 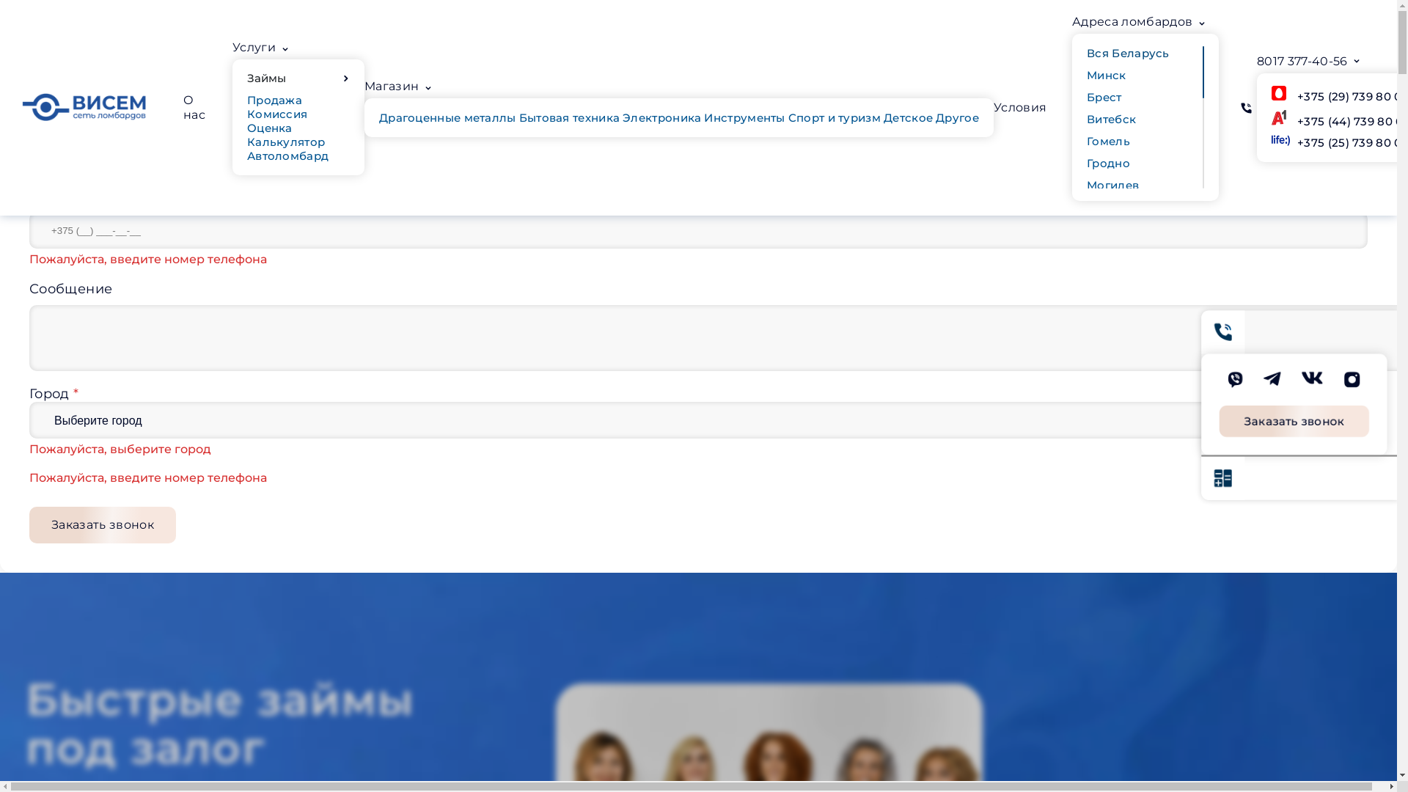 I want to click on '8017 377-40-56', so click(x=1302, y=61).